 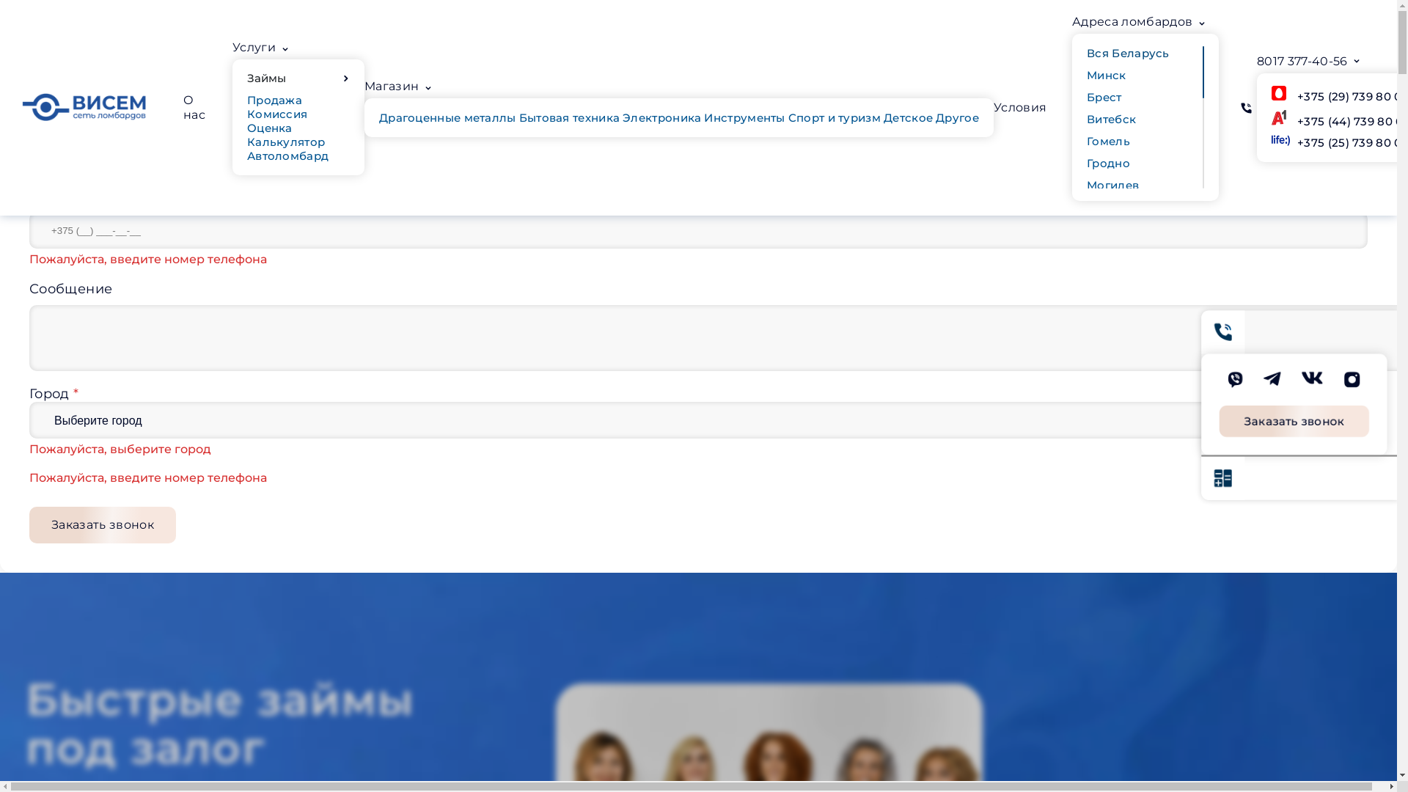 I want to click on '8017 377-40-56', so click(x=1302, y=61).